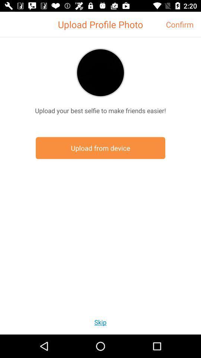 The height and width of the screenshot is (358, 201). I want to click on icon below the upload your best item, so click(100, 148).